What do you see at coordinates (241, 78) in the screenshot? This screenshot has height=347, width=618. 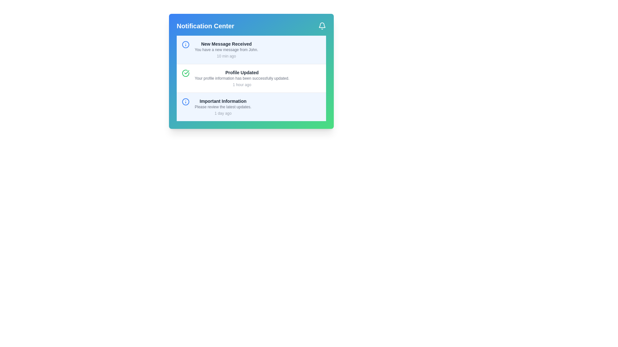 I see `informative text label that notifies the user about the successful update of their profile information, located in the Notification Center under the title 'Profile Updated'` at bounding box center [241, 78].